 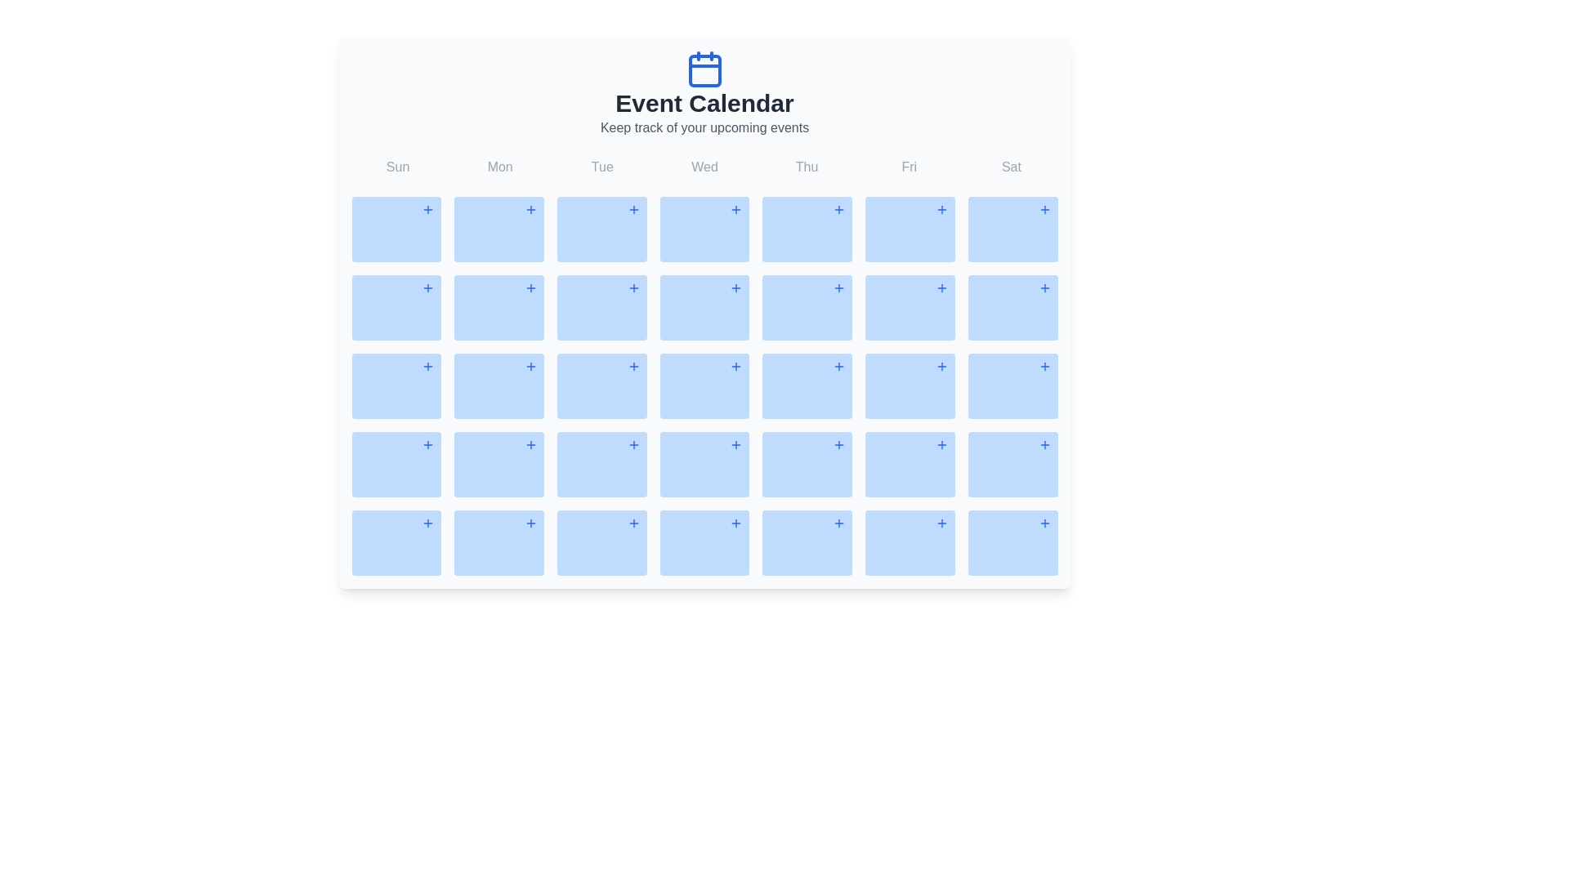 What do you see at coordinates (704, 465) in the screenshot?
I see `the grid tile located in the fifth row and fourth column, which has a light blue background and a small blue '+' button in the top-right corner` at bounding box center [704, 465].